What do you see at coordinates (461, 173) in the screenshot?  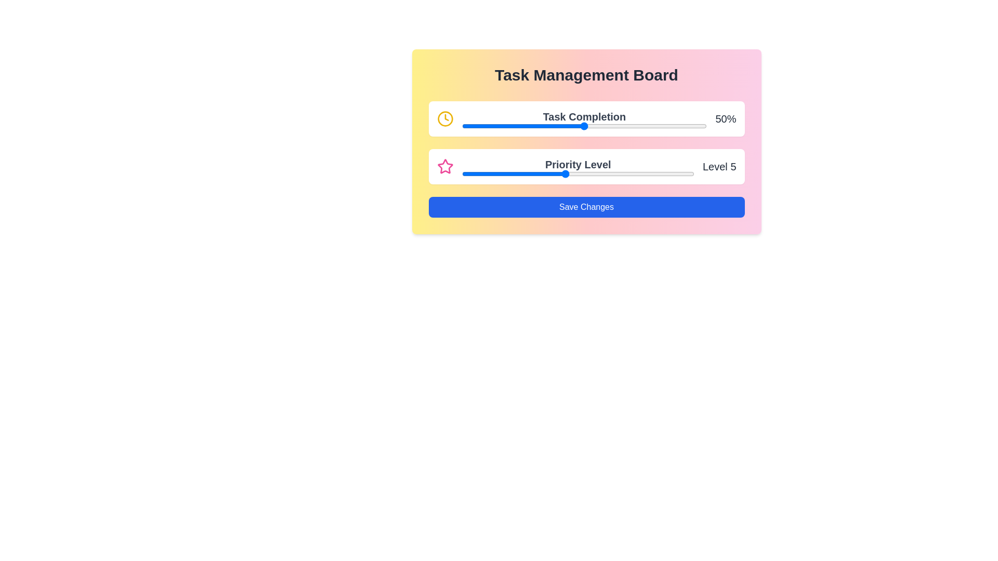 I see `the priority level` at bounding box center [461, 173].